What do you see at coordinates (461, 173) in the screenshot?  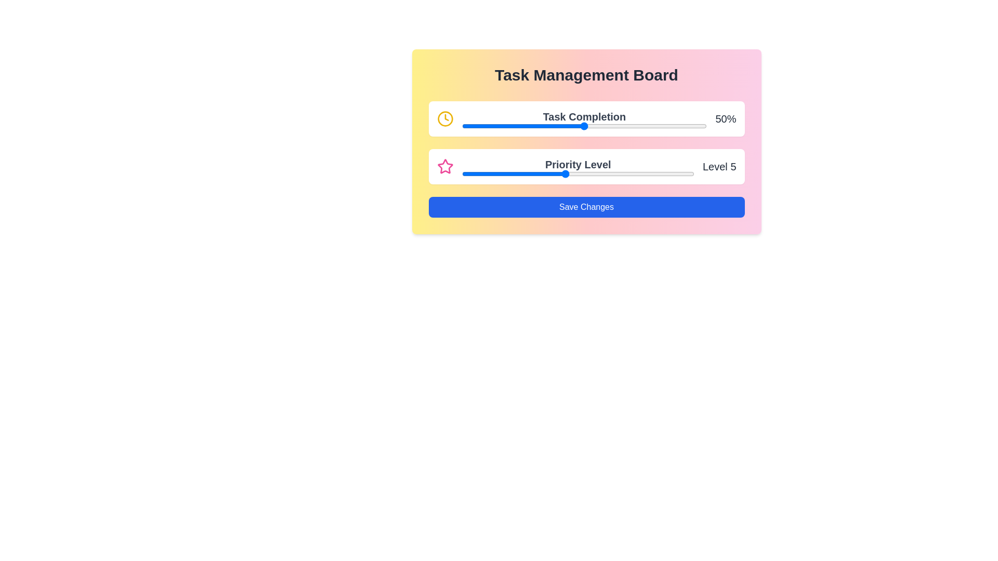 I see `the priority level` at bounding box center [461, 173].